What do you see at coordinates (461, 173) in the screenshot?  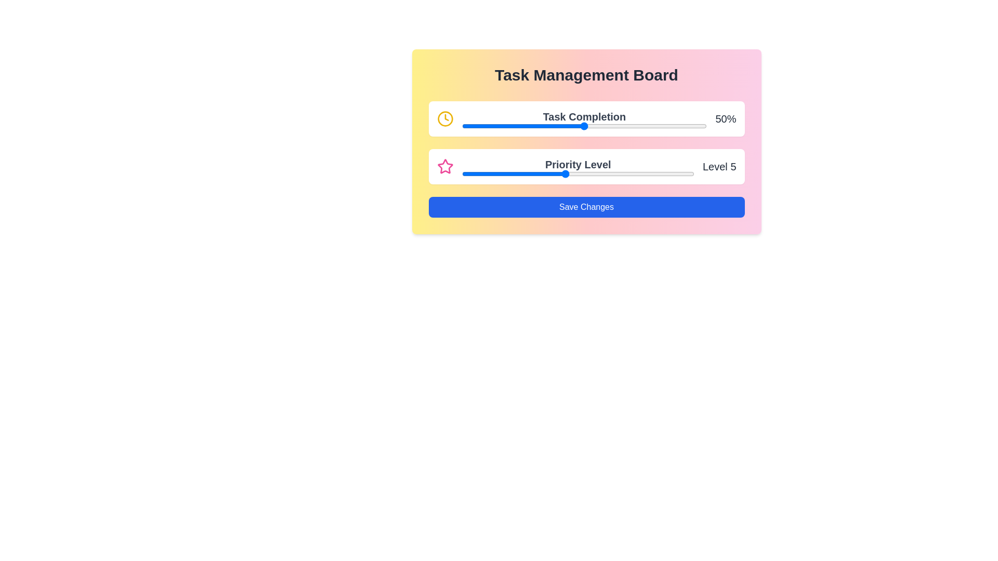 I see `the priority level` at bounding box center [461, 173].